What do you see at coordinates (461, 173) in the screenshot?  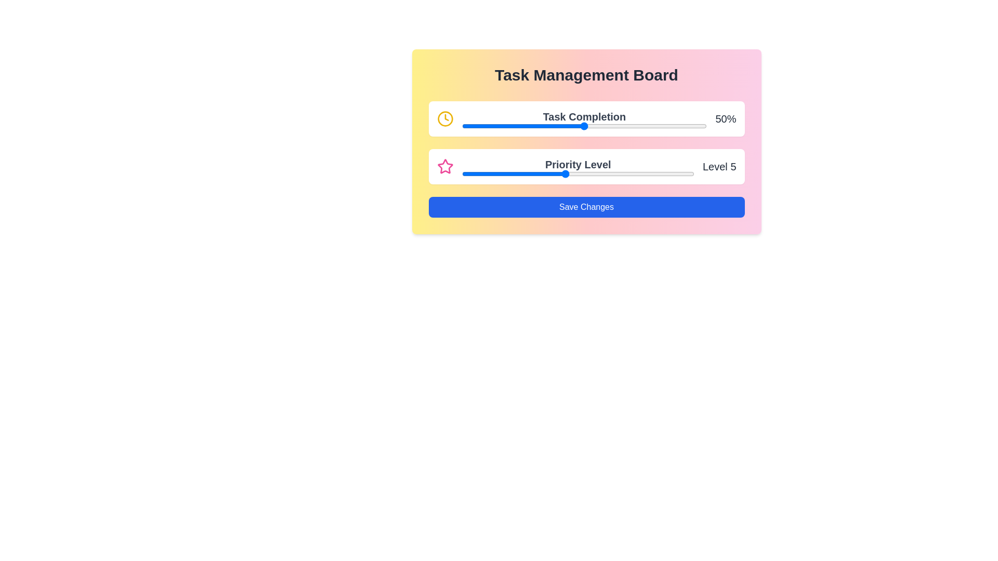 I see `the priority level` at bounding box center [461, 173].